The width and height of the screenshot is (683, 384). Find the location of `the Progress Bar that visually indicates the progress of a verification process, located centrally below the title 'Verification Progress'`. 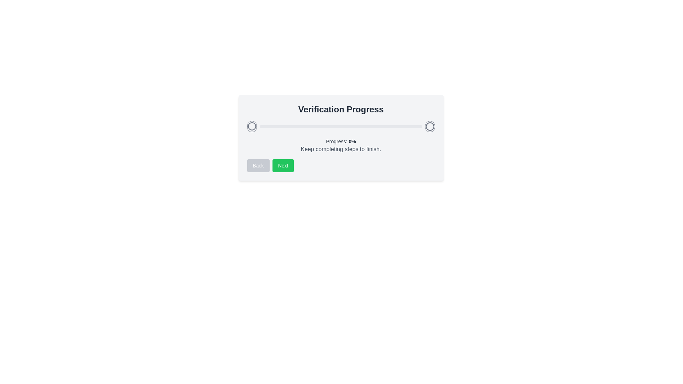

the Progress Bar that visually indicates the progress of a verification process, located centrally below the title 'Verification Progress' is located at coordinates (340, 126).